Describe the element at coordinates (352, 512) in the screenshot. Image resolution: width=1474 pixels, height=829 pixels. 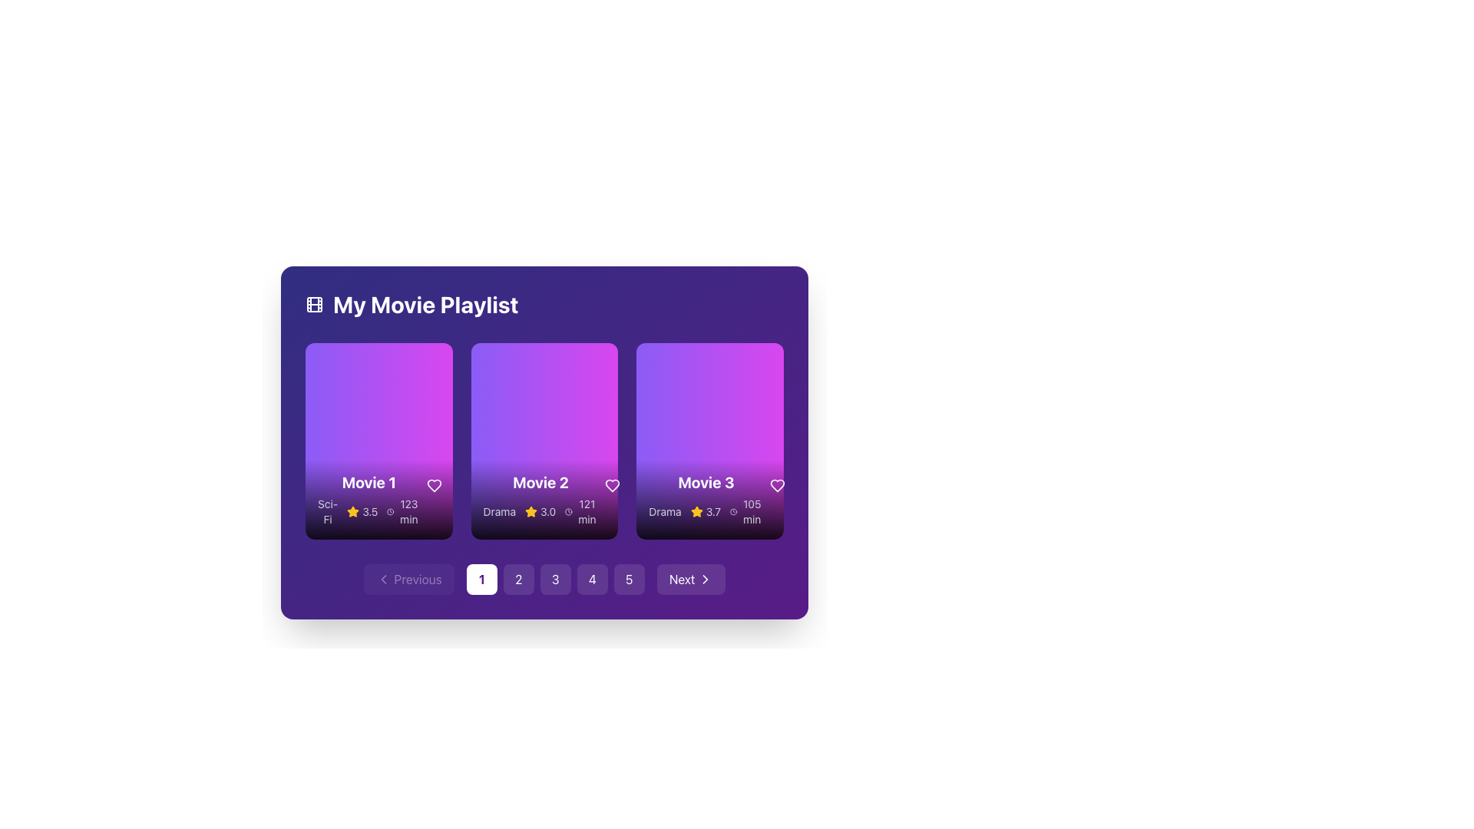
I see `the rating indicator icon located below the 'Movie 1' card in the 'My Movie Playlist' section, directly to the left of the rating text '3.5'` at that location.